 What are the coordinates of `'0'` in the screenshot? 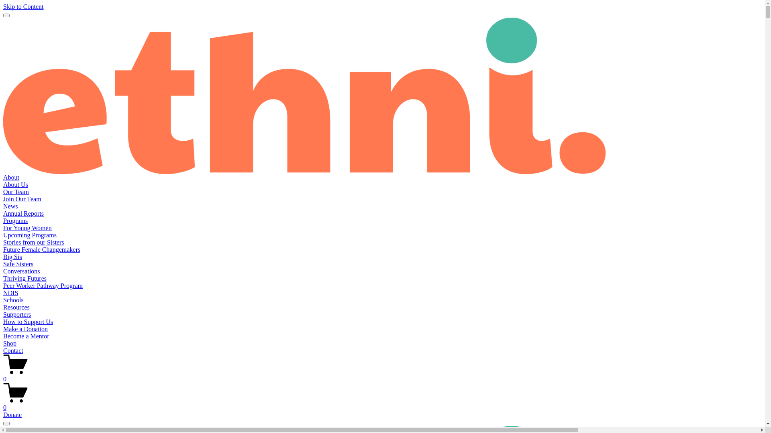 It's located at (3, 404).